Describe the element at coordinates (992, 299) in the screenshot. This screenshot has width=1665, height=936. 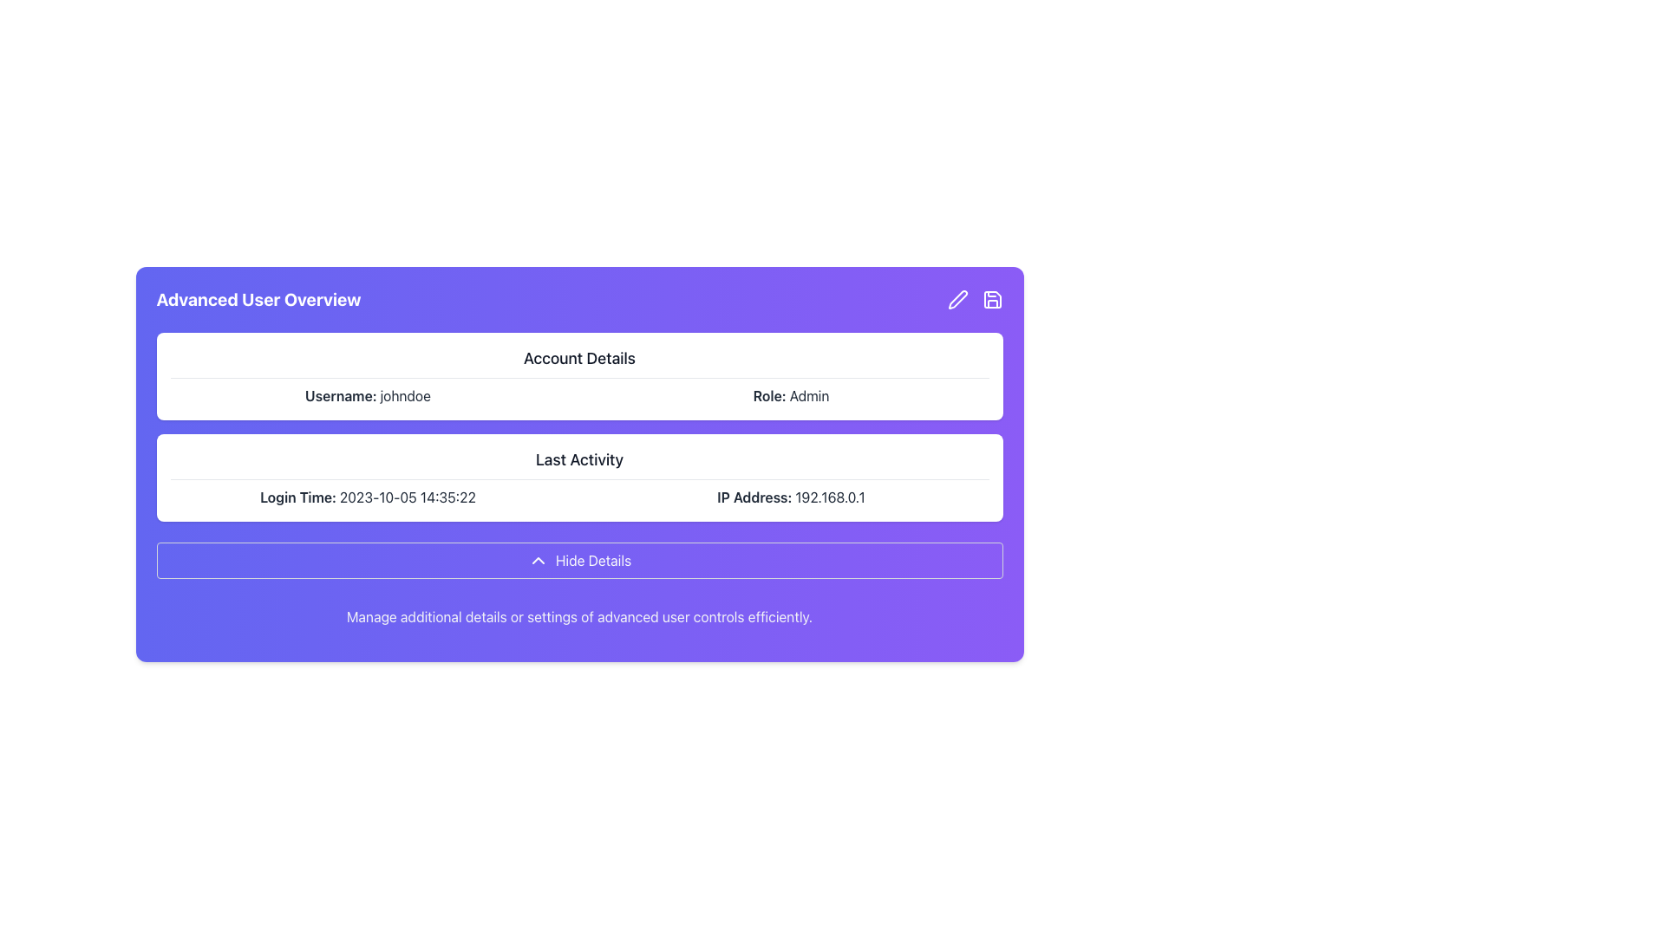
I see `the save icon, shaped like a floppy disk, located in the top-right corner of the purple user interface panel` at that location.